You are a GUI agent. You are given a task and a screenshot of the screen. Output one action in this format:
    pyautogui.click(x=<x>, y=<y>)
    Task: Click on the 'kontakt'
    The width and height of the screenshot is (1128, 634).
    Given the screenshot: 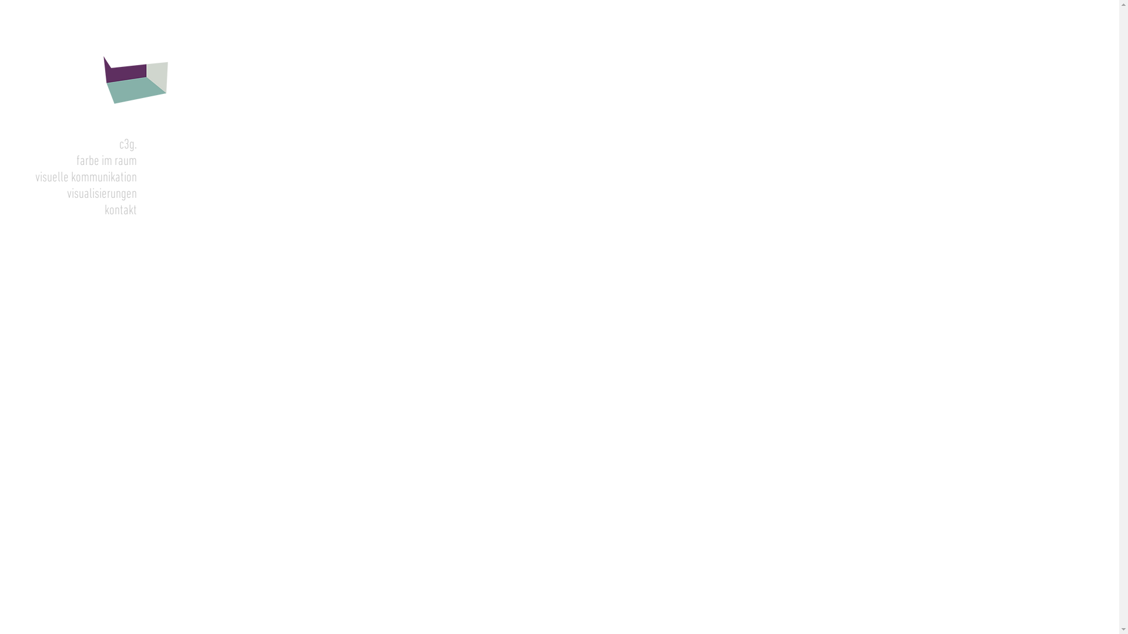 What is the action you would take?
    pyautogui.click(x=0, y=210)
    